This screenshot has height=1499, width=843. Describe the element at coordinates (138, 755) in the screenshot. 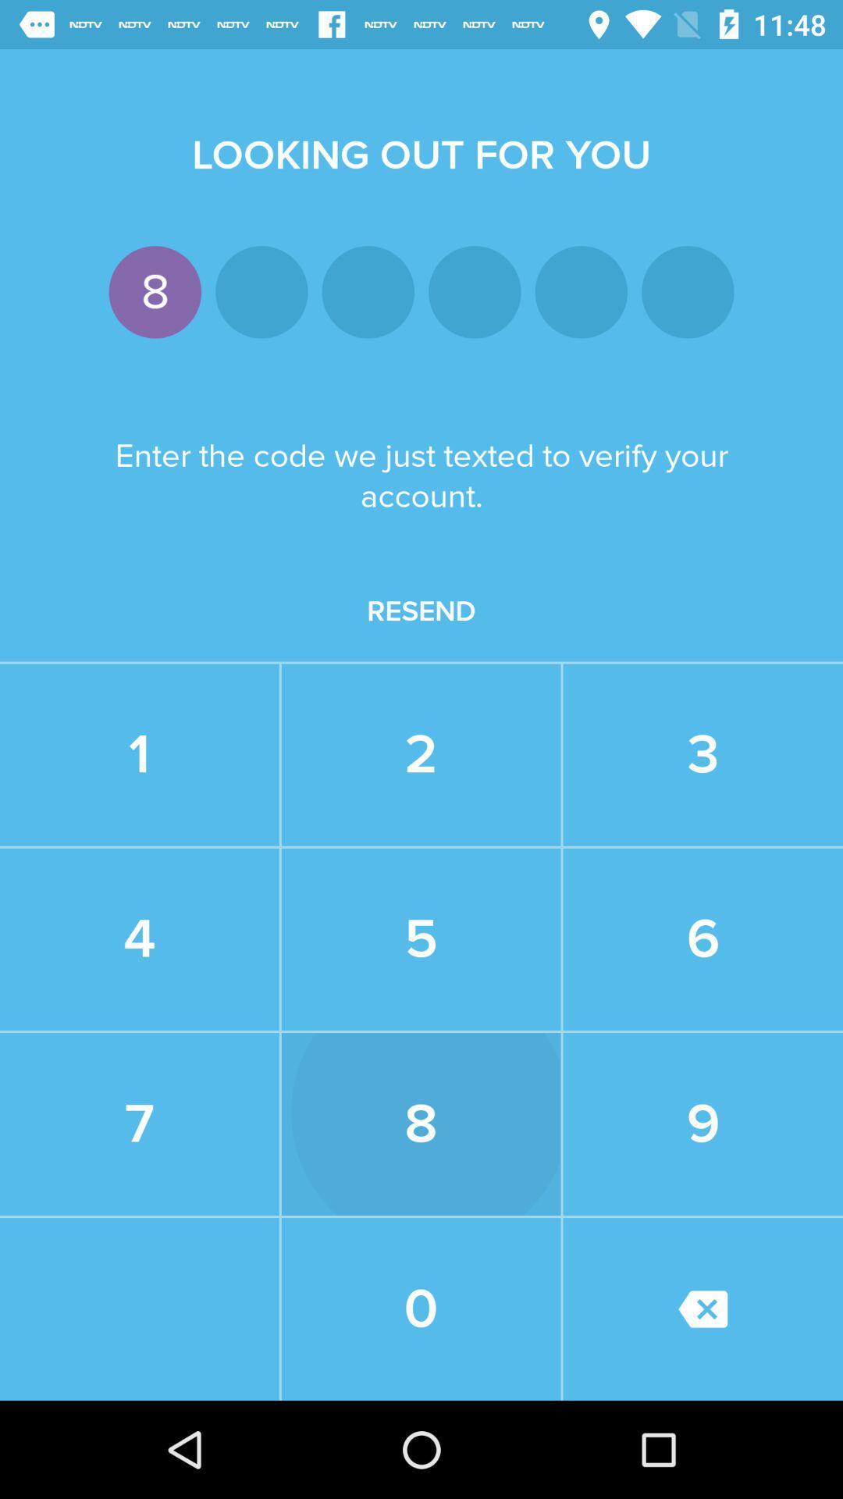

I see `the 1 icon` at that location.